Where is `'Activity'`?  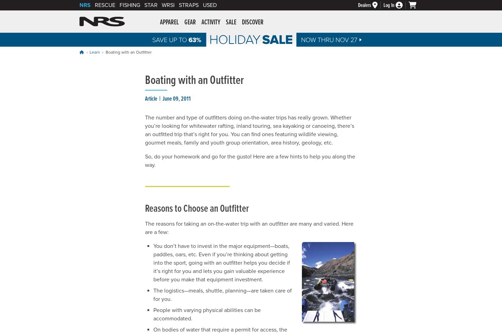 'Activity' is located at coordinates (210, 22).